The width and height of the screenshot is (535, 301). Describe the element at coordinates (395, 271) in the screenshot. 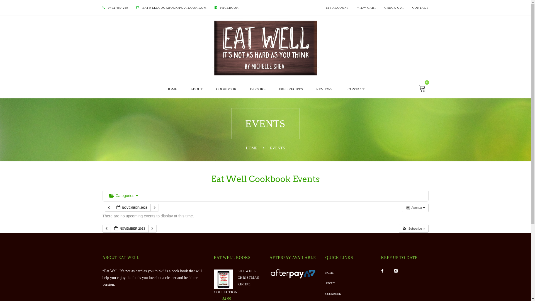

I see `'Instagram'` at that location.